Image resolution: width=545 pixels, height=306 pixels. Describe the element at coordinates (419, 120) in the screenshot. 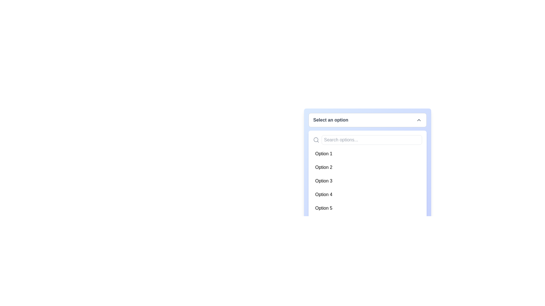

I see `the upward chevron icon located at the far right of the 'Select an option' dropdown header` at that location.